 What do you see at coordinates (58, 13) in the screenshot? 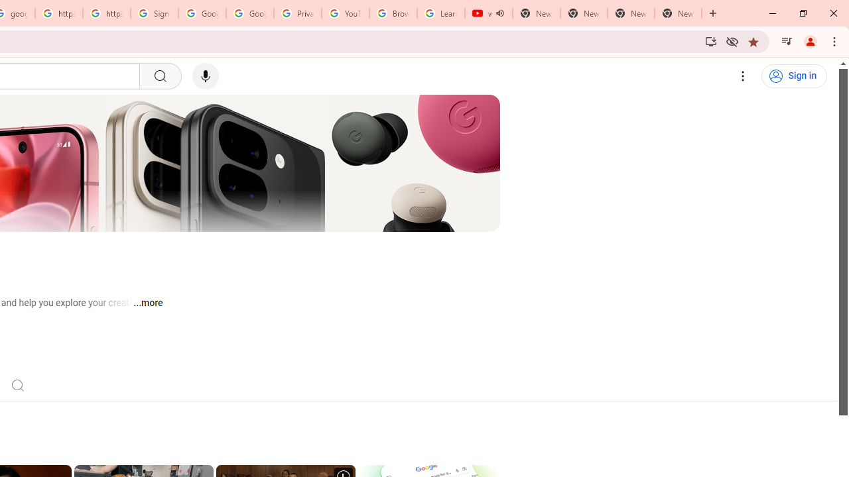
I see `'https://scholar.google.com/'` at bounding box center [58, 13].